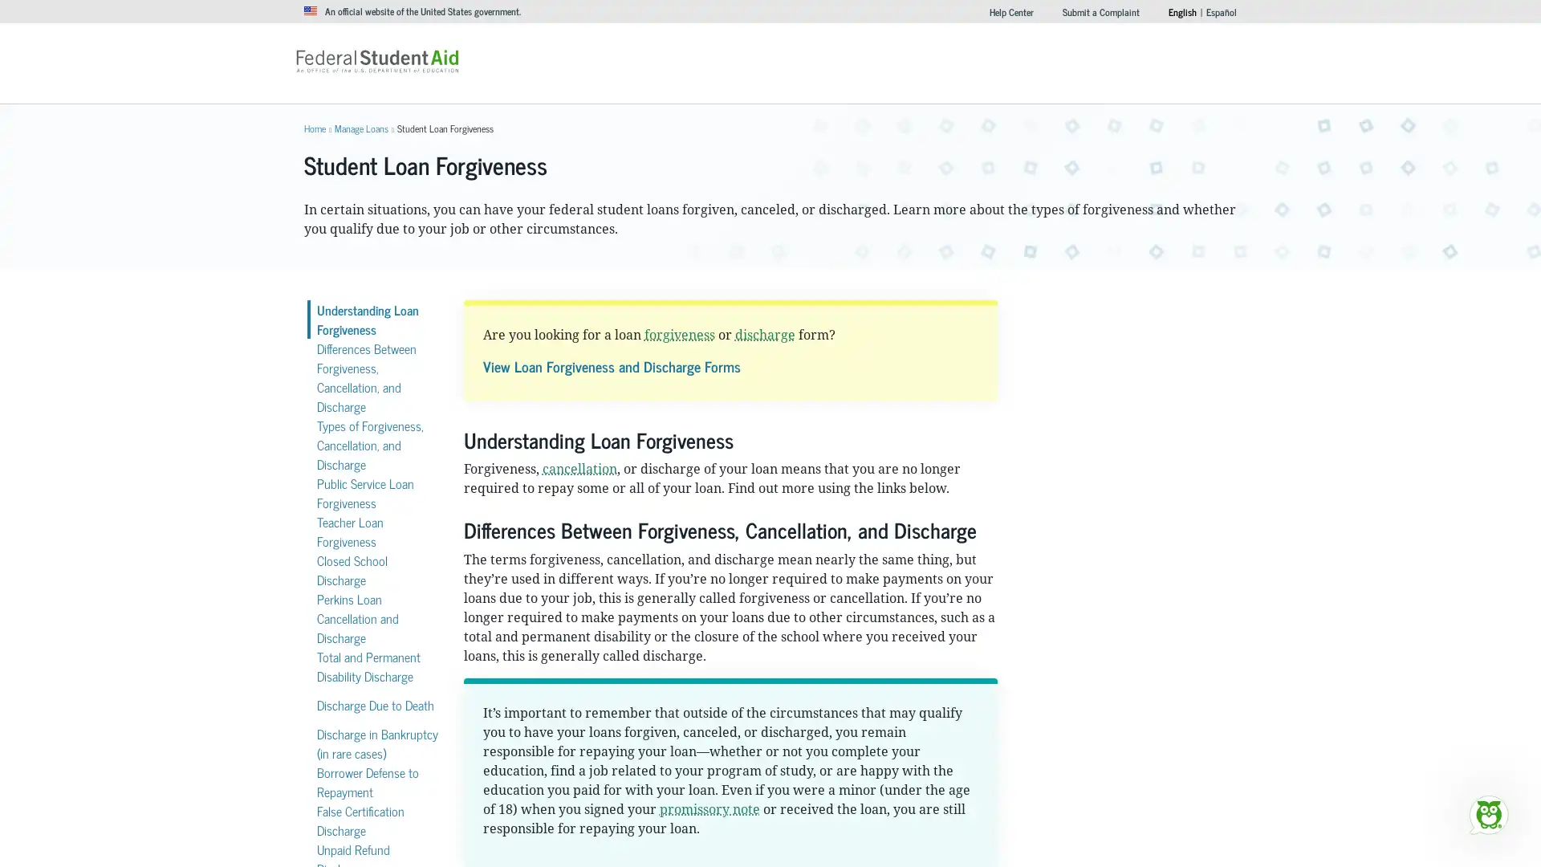  I want to click on English |, so click(1182, 12).